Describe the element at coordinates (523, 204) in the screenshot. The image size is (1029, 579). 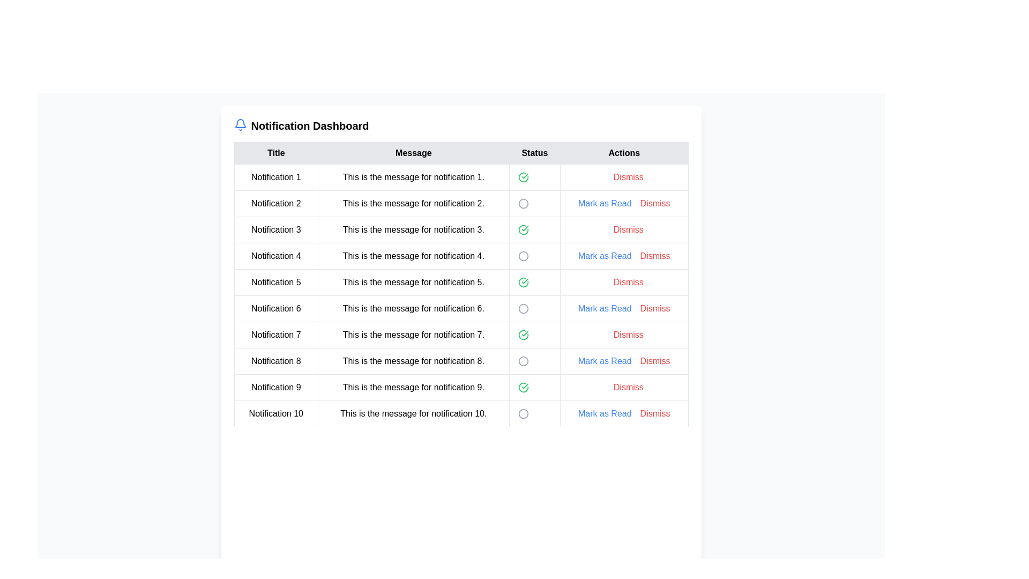
I see `the circular graphic icon in the 'Status' column of the notification table for 'Notification 2'` at that location.